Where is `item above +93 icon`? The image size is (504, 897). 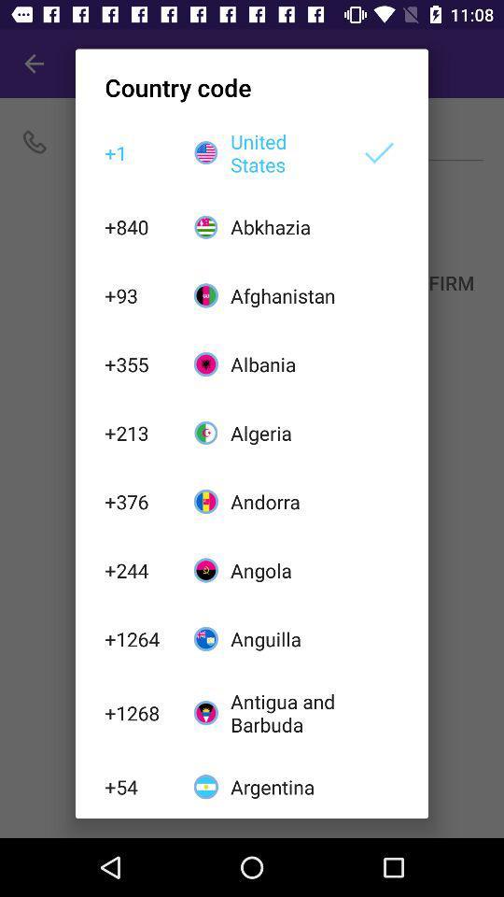
item above +93 icon is located at coordinates (138, 225).